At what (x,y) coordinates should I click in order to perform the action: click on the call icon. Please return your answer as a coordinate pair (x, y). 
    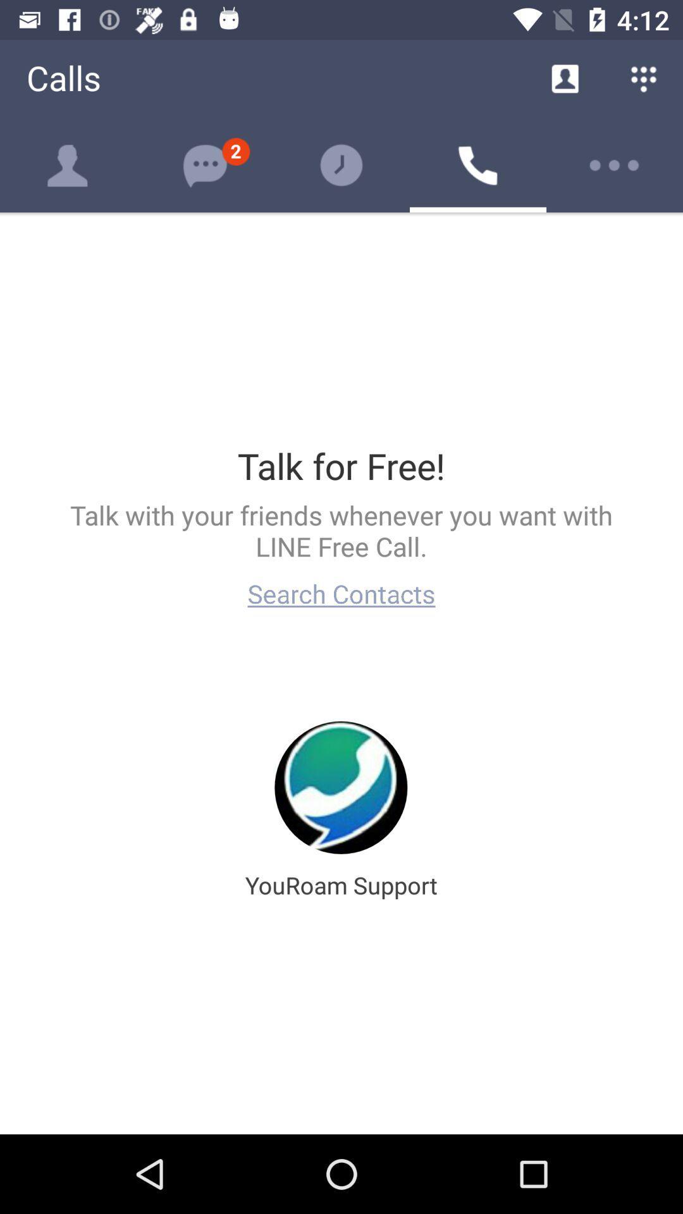
    Looking at the image, I should click on (478, 165).